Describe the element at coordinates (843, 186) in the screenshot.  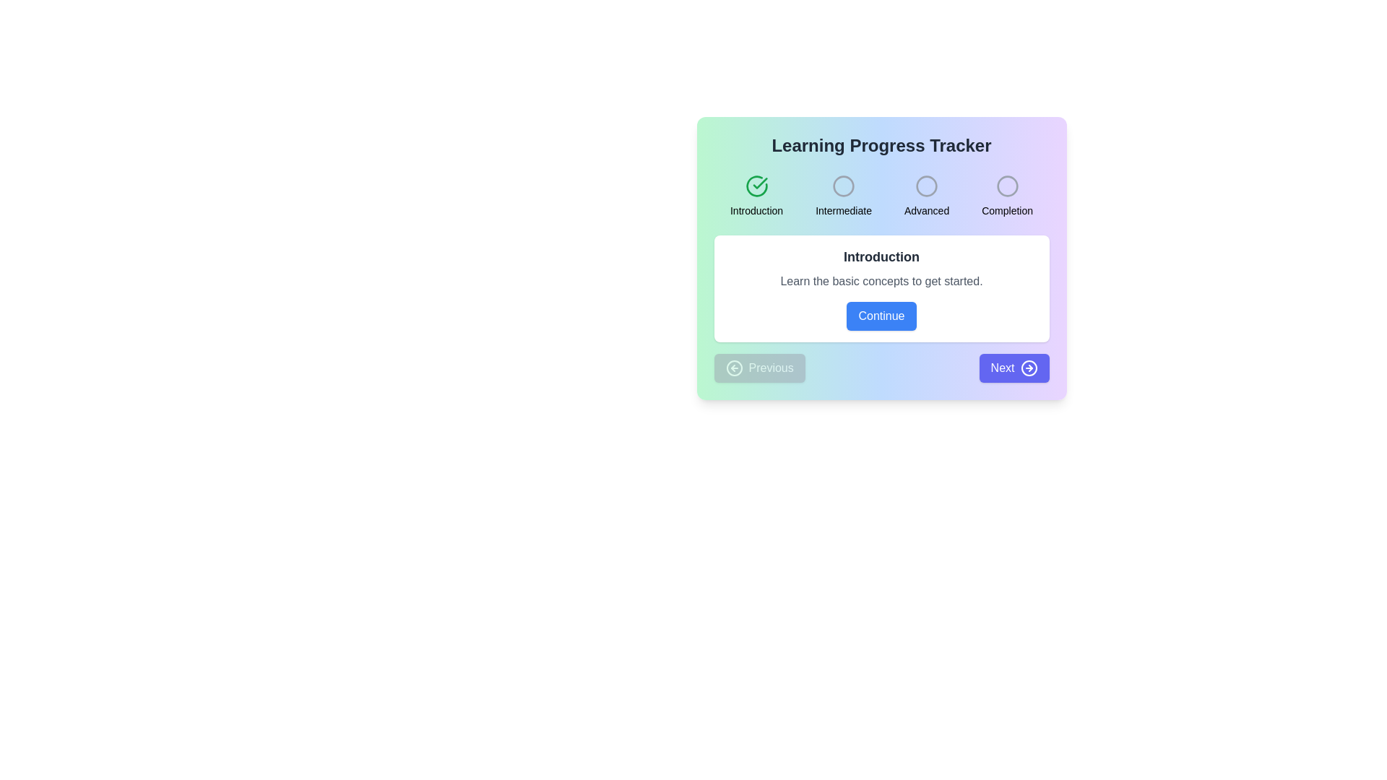
I see `the second icon in the sequence of four icons located above the text label 'Intermediate'` at that location.